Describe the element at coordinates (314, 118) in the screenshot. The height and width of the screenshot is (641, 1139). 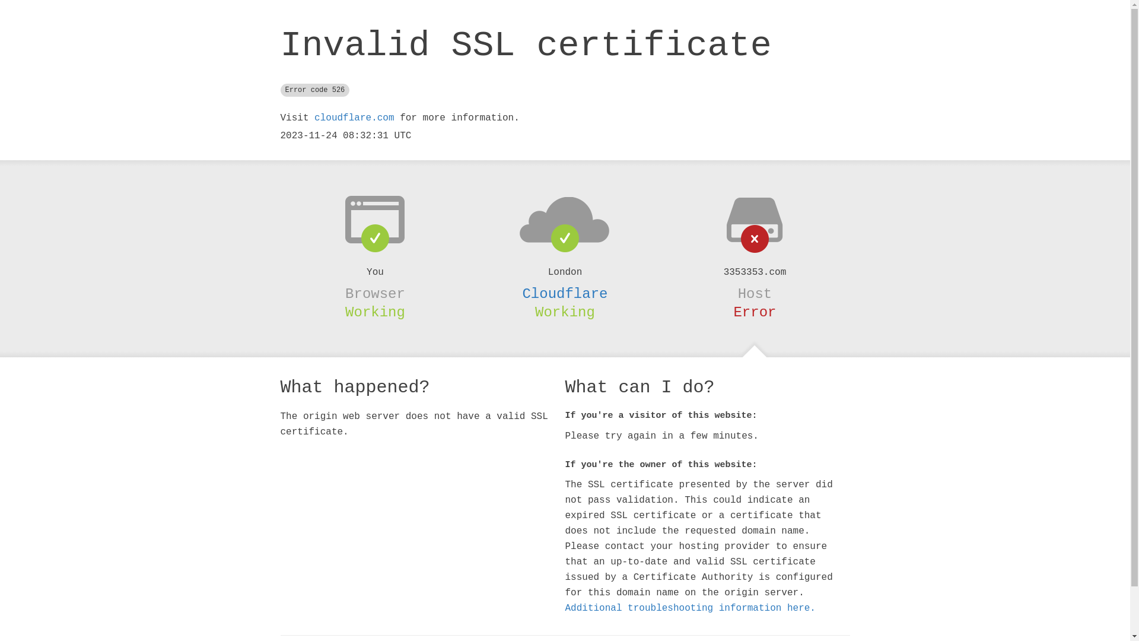
I see `'cloudflare.com'` at that location.